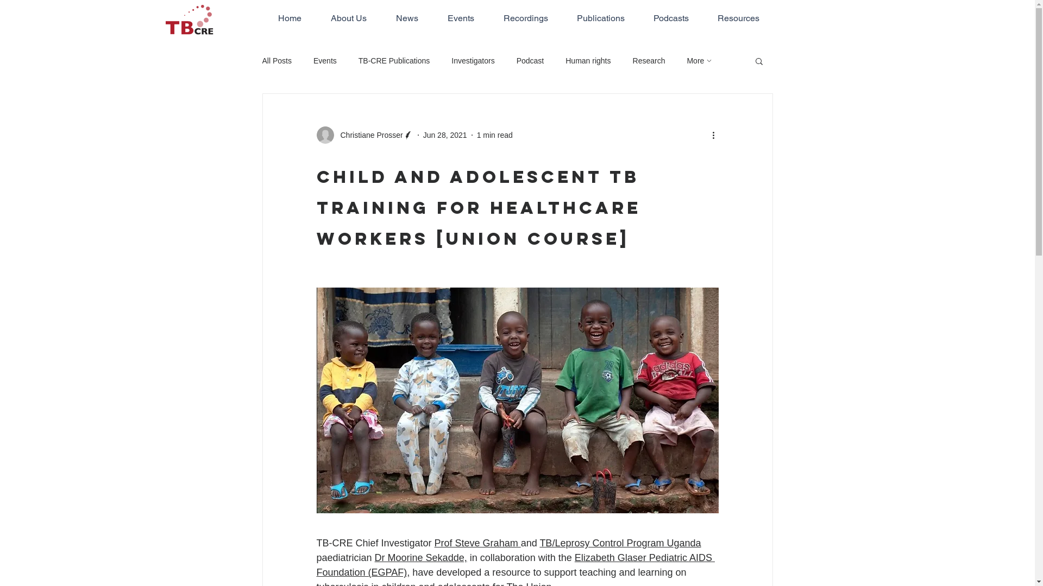 This screenshot has width=1043, height=586. What do you see at coordinates (276, 60) in the screenshot?
I see `'All Posts'` at bounding box center [276, 60].